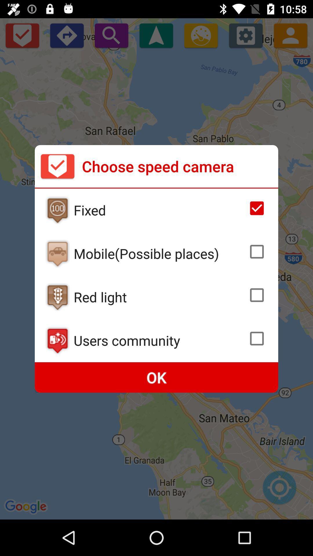 The image size is (313, 556). I want to click on red light icon, so click(159, 297).